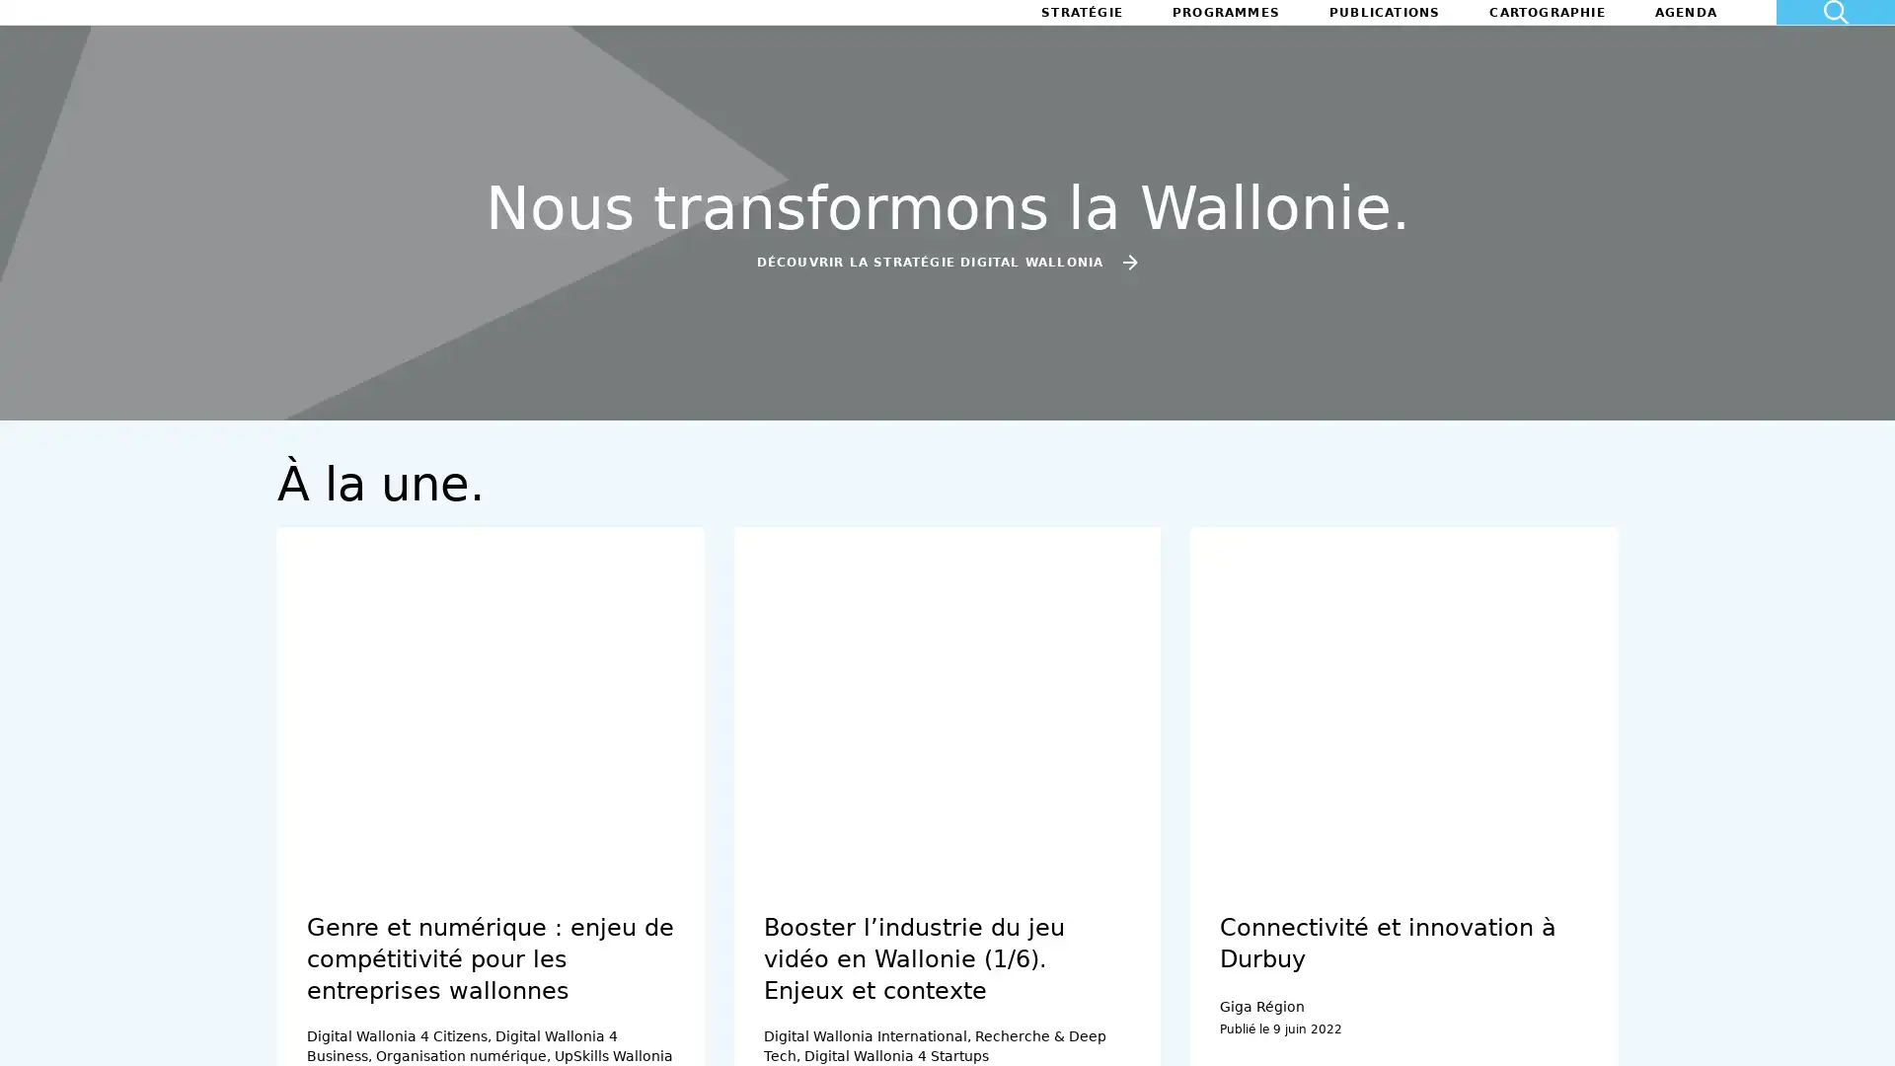 The image size is (1895, 1066). I want to click on Je choisis, so click(227, 965).